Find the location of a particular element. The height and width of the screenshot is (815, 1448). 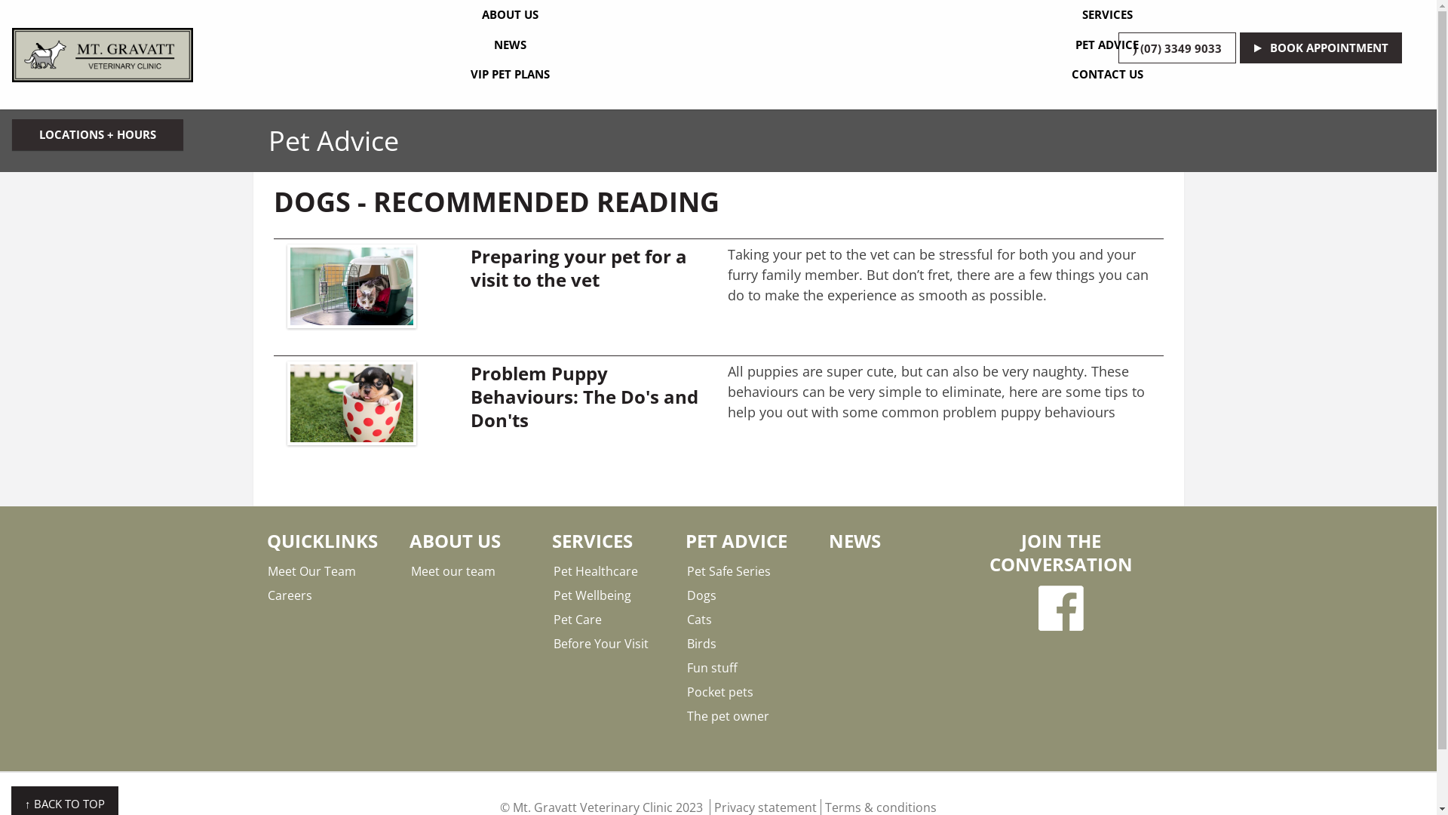

'Birds' is located at coordinates (747, 643).